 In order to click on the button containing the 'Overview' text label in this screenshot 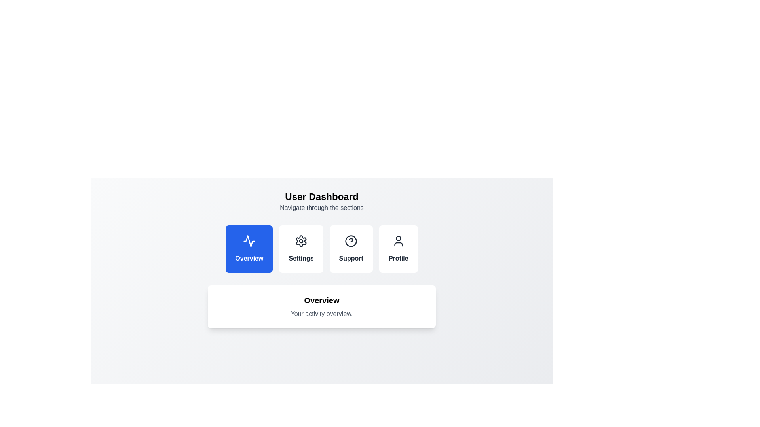, I will do `click(249, 259)`.